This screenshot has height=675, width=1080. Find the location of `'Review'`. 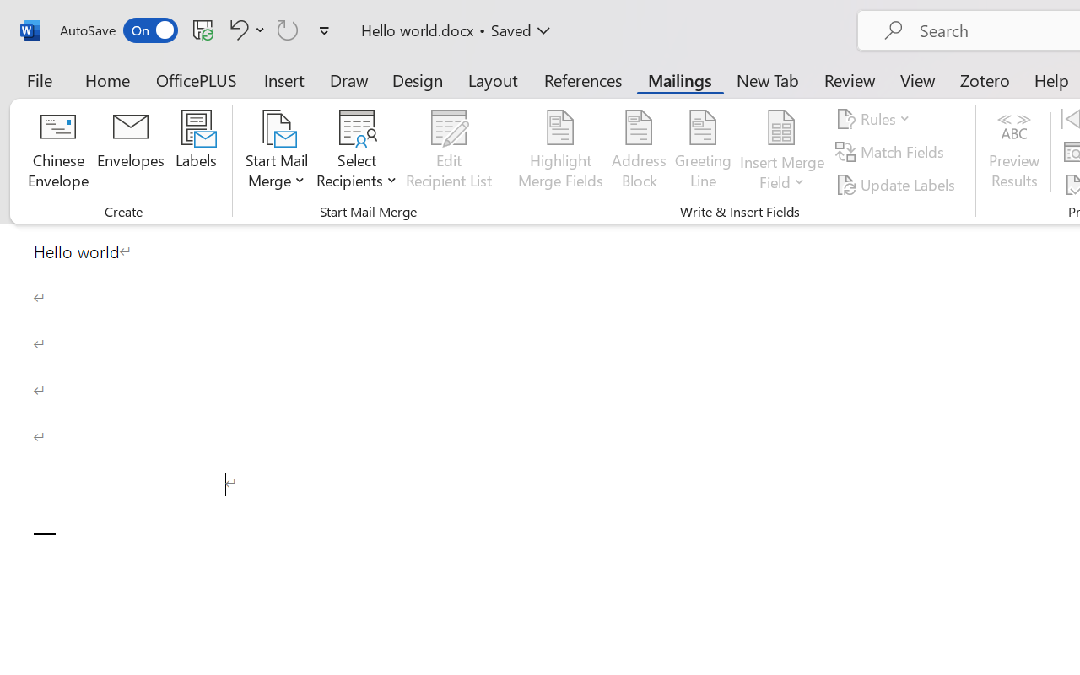

'Review' is located at coordinates (850, 79).